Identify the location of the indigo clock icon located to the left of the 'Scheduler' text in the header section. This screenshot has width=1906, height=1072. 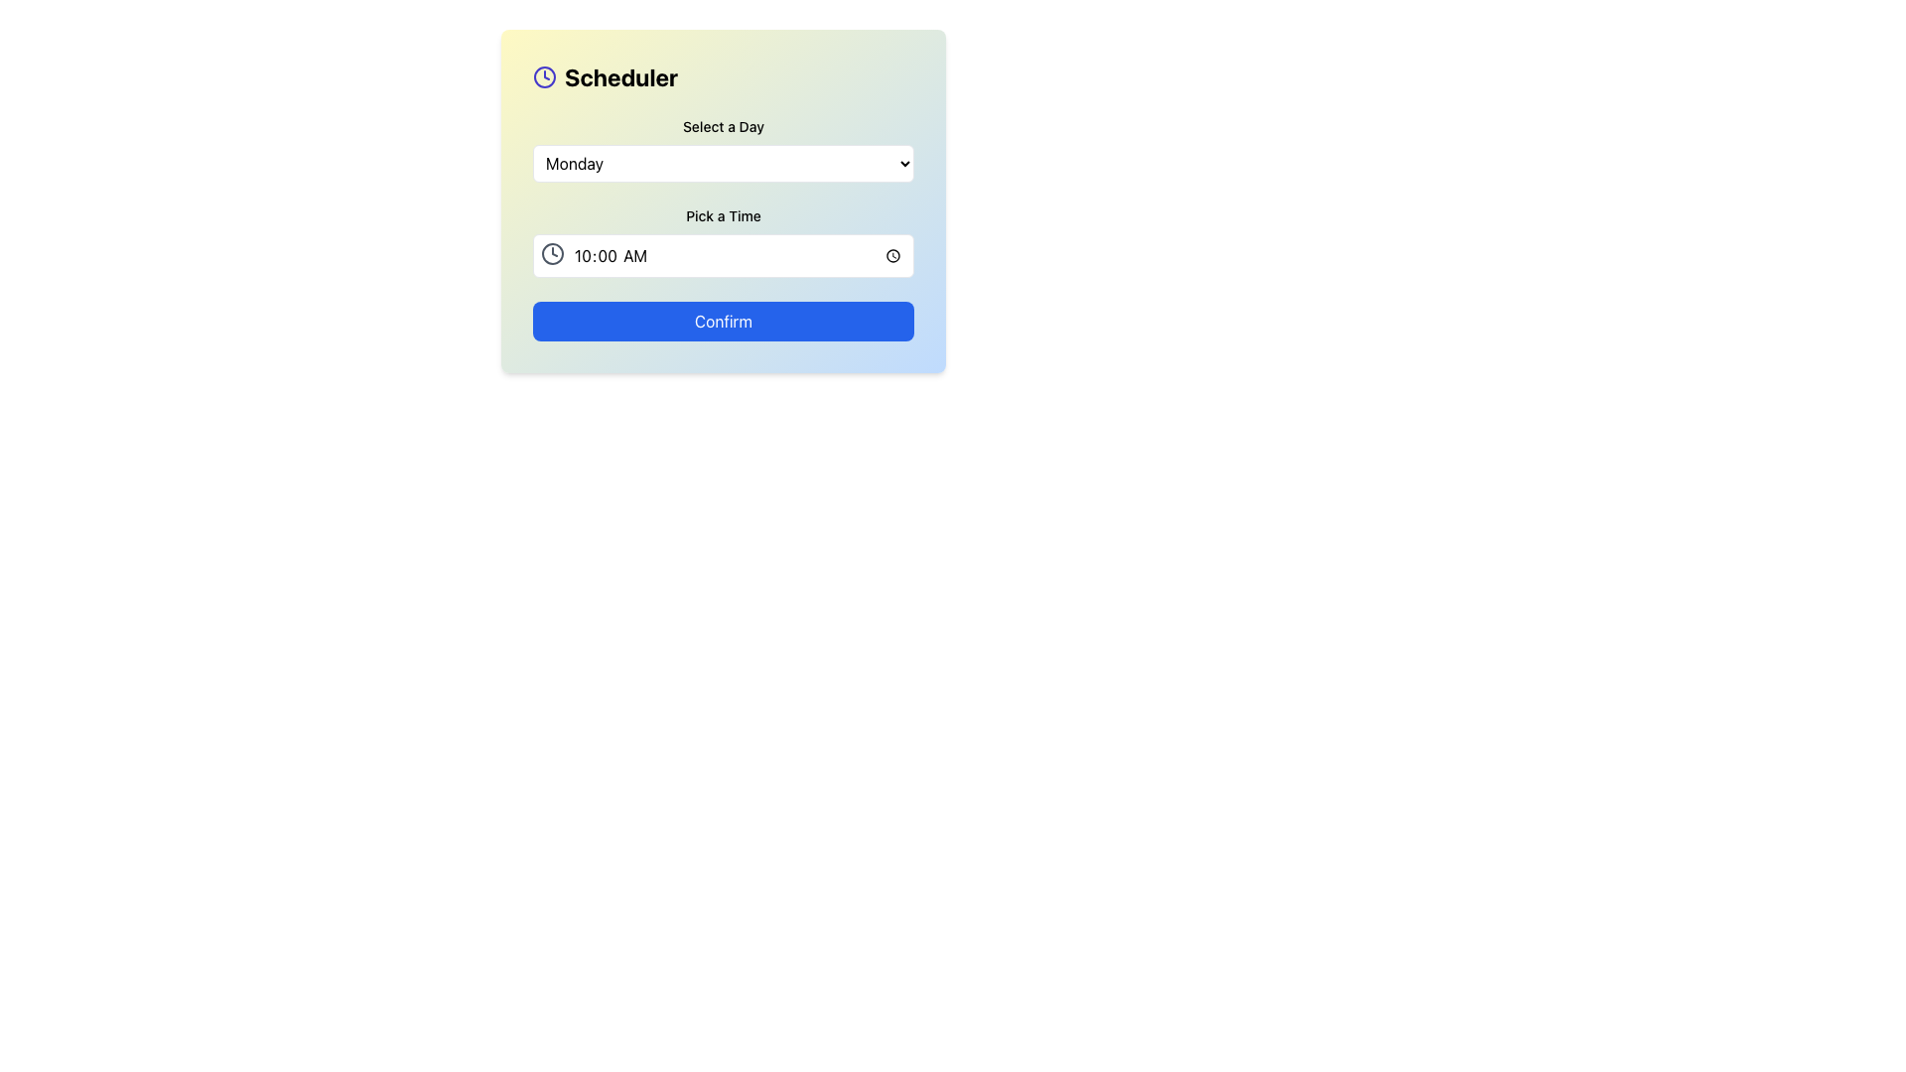
(544, 75).